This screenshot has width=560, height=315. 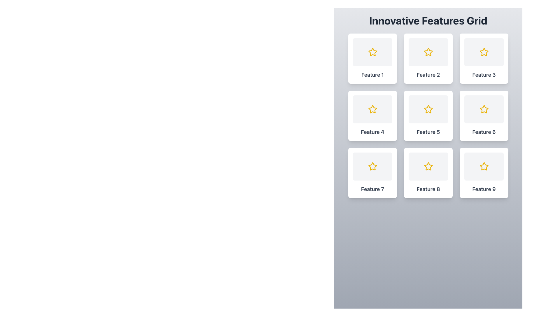 What do you see at coordinates (428, 52) in the screenshot?
I see `the yellow star icon with a white interior, located in the second cell of the first row under 'Innovative Features Grid'` at bounding box center [428, 52].